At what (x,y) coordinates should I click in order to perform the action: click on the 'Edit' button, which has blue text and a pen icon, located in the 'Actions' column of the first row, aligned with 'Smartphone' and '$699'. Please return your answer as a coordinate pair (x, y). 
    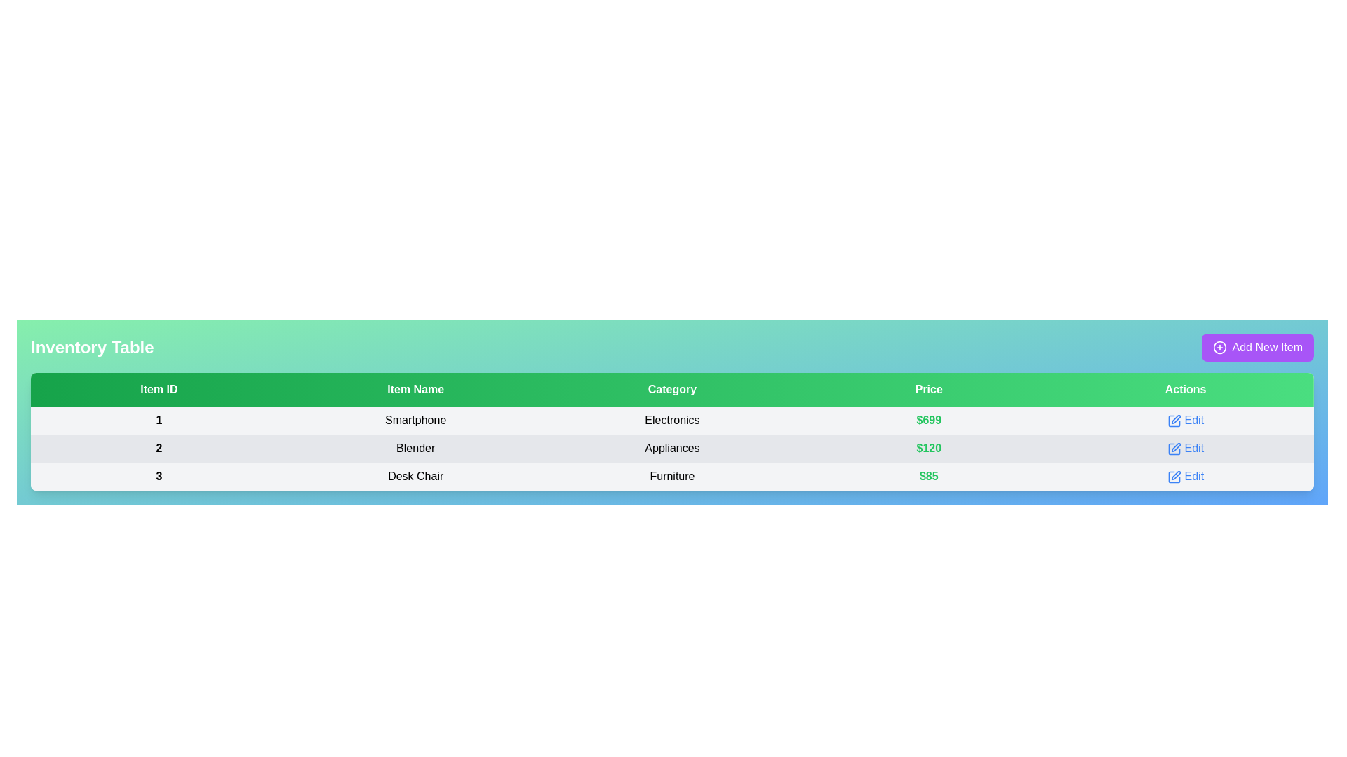
    Looking at the image, I should click on (1185, 420).